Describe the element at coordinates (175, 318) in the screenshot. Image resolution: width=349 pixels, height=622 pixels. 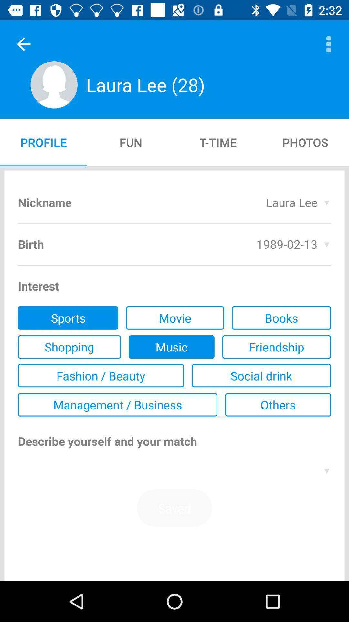
I see `the icon next to books` at that location.